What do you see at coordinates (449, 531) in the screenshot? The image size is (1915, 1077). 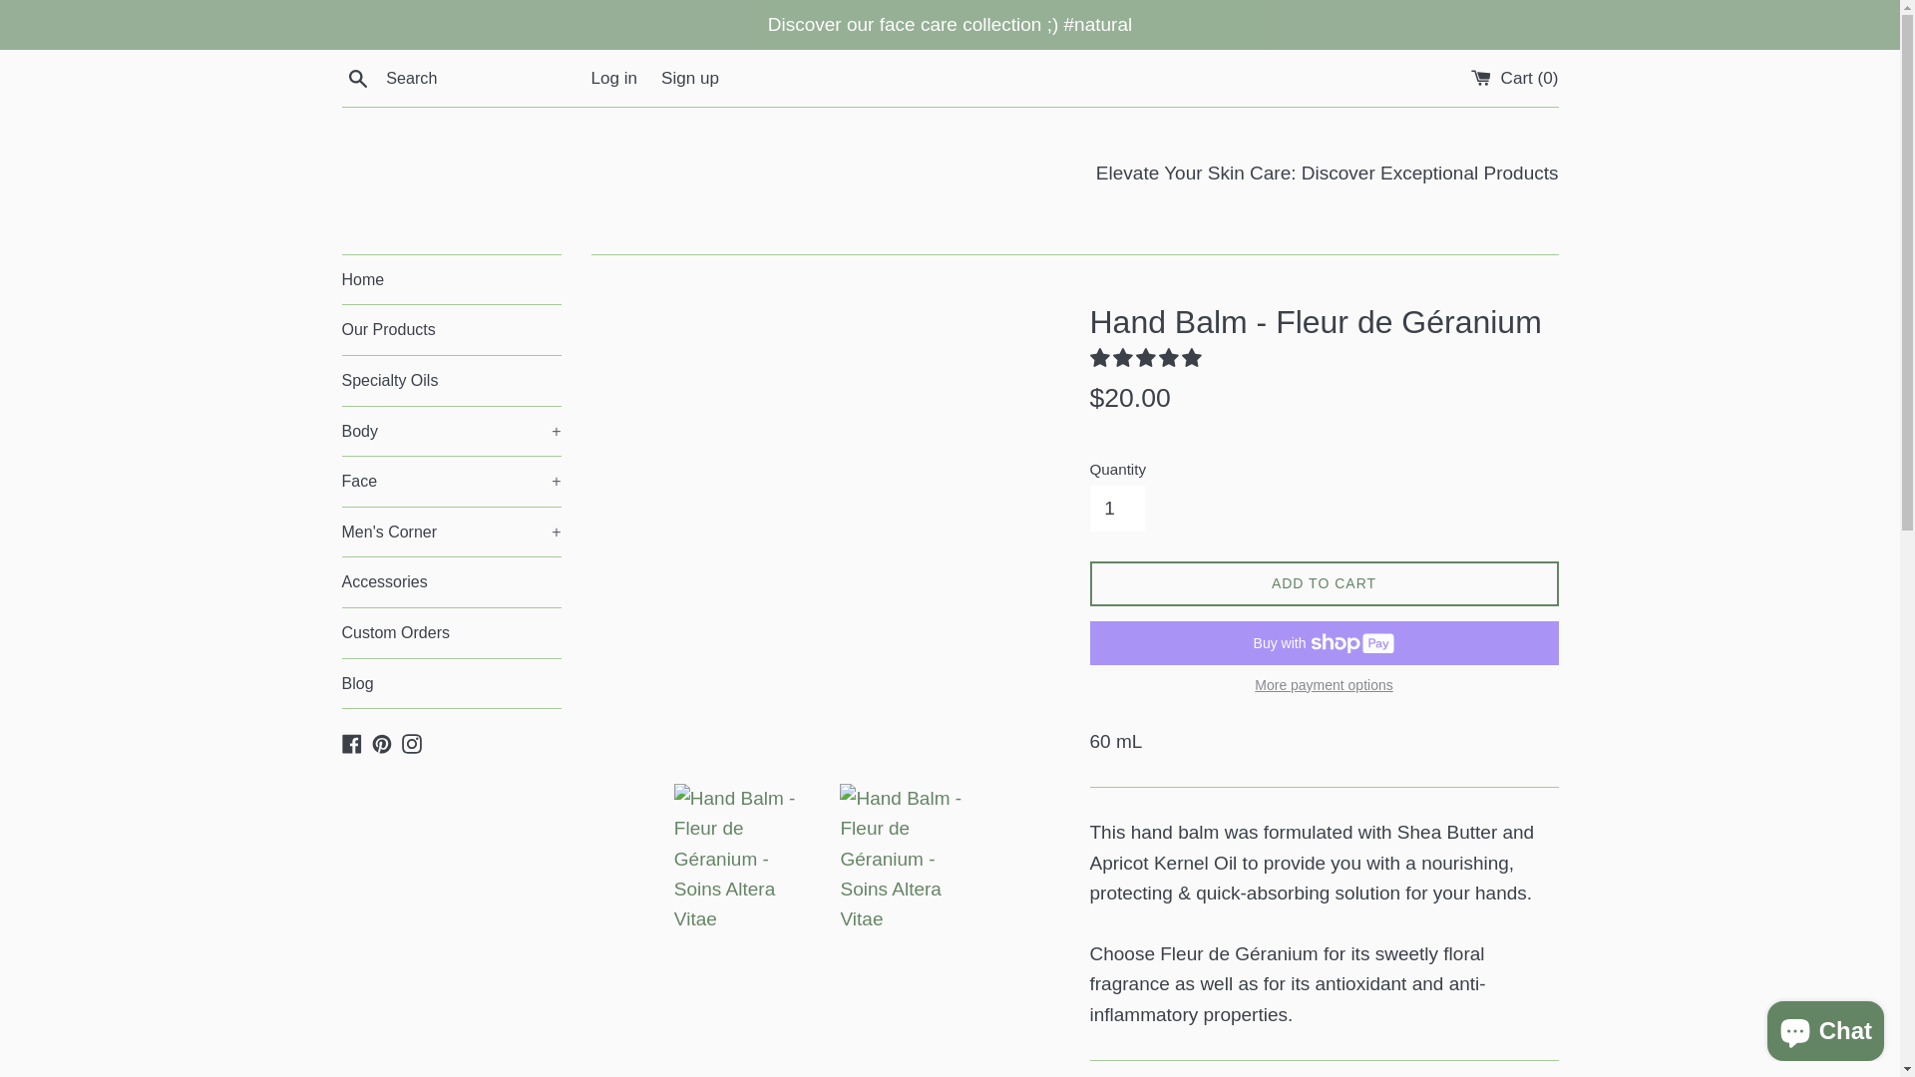 I see `'Men's Corner` at bounding box center [449, 531].